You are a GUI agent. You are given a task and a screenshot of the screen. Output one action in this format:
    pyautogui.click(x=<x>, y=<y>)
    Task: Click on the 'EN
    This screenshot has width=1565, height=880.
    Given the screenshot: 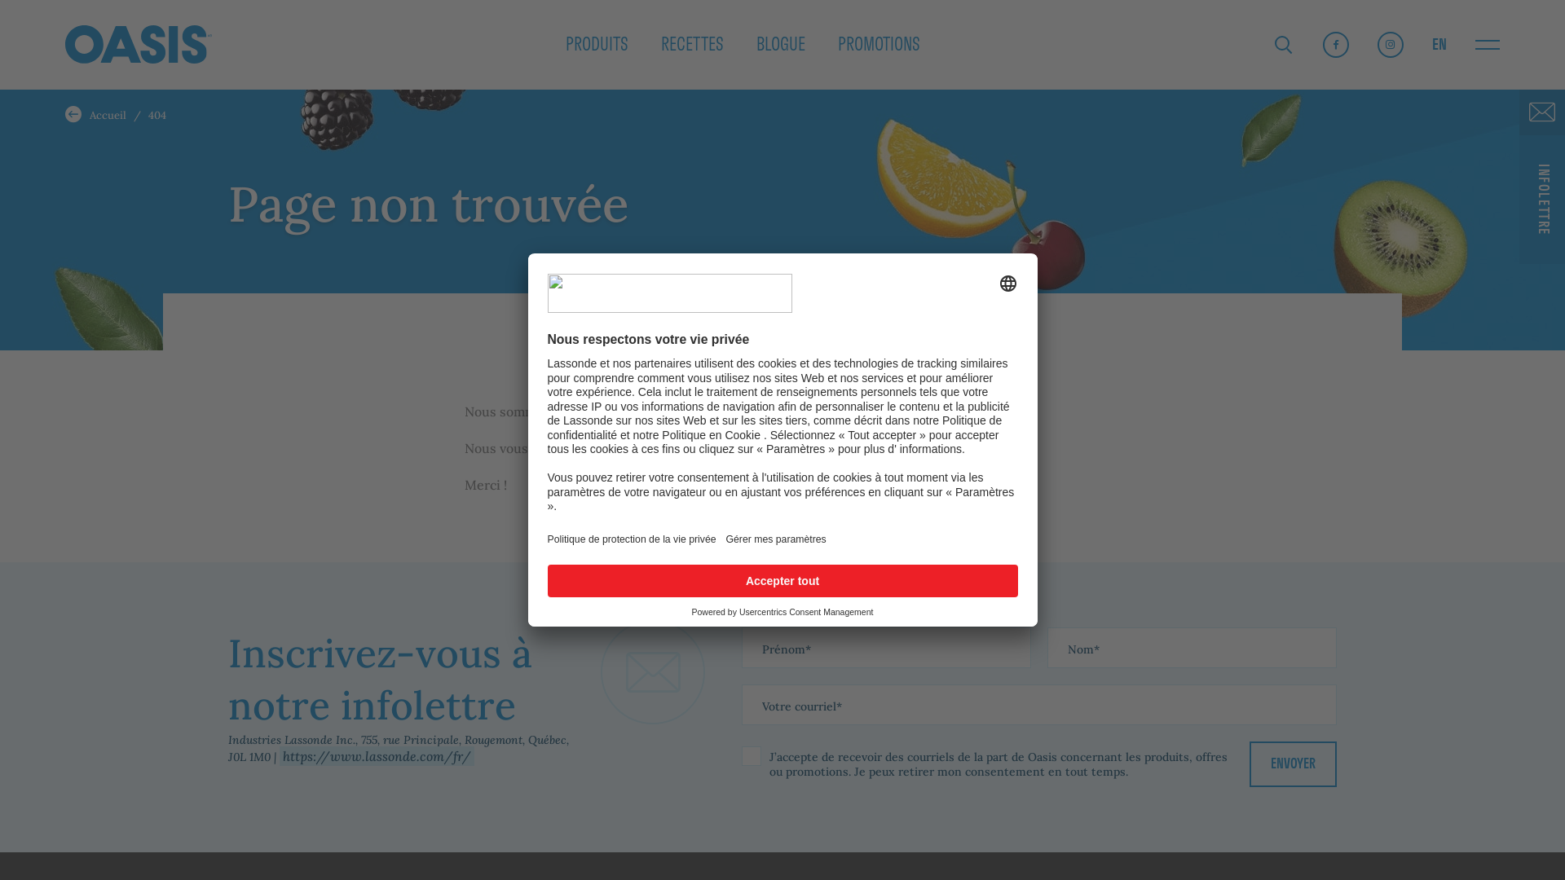 What is the action you would take?
    pyautogui.click(x=1431, y=43)
    